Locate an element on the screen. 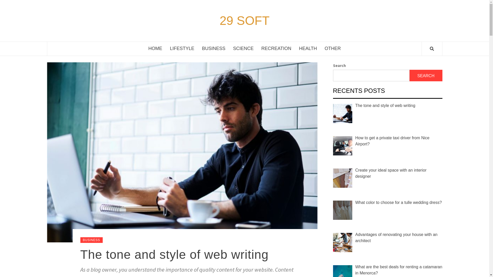 This screenshot has height=277, width=493. 'SCIENCE' is located at coordinates (243, 48).